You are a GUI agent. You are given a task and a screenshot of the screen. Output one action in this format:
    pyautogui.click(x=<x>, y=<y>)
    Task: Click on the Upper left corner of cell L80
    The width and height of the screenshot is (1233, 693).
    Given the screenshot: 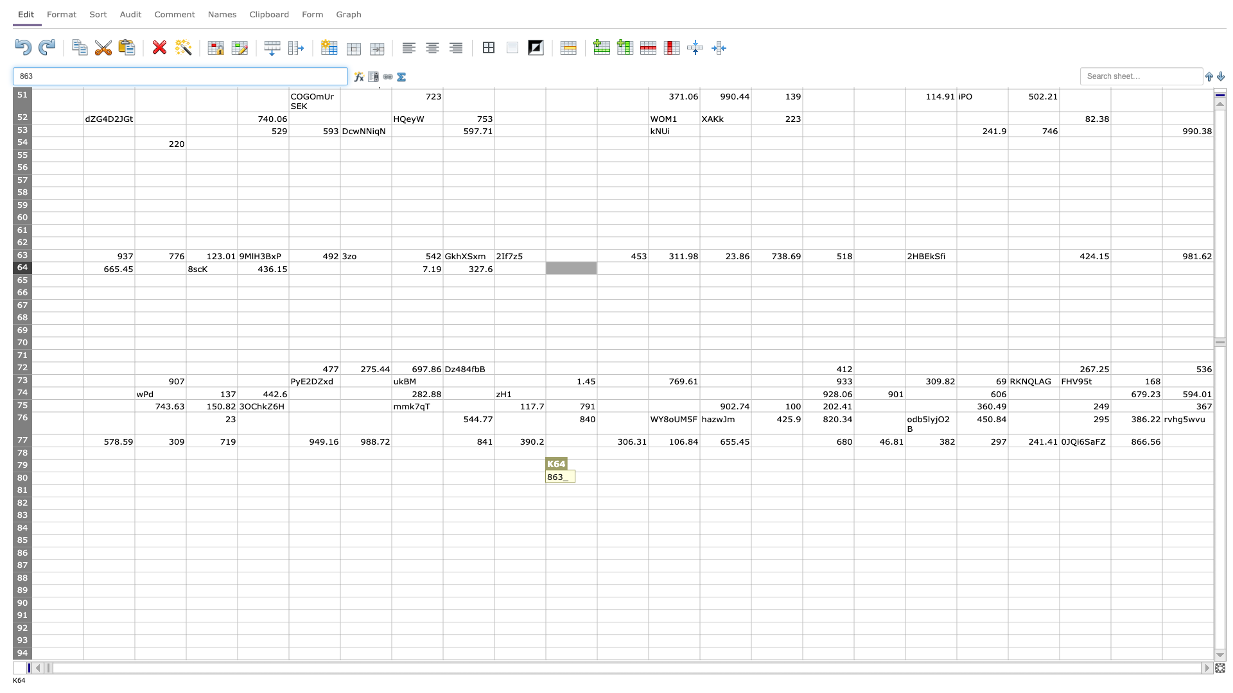 What is the action you would take?
    pyautogui.click(x=597, y=472)
    